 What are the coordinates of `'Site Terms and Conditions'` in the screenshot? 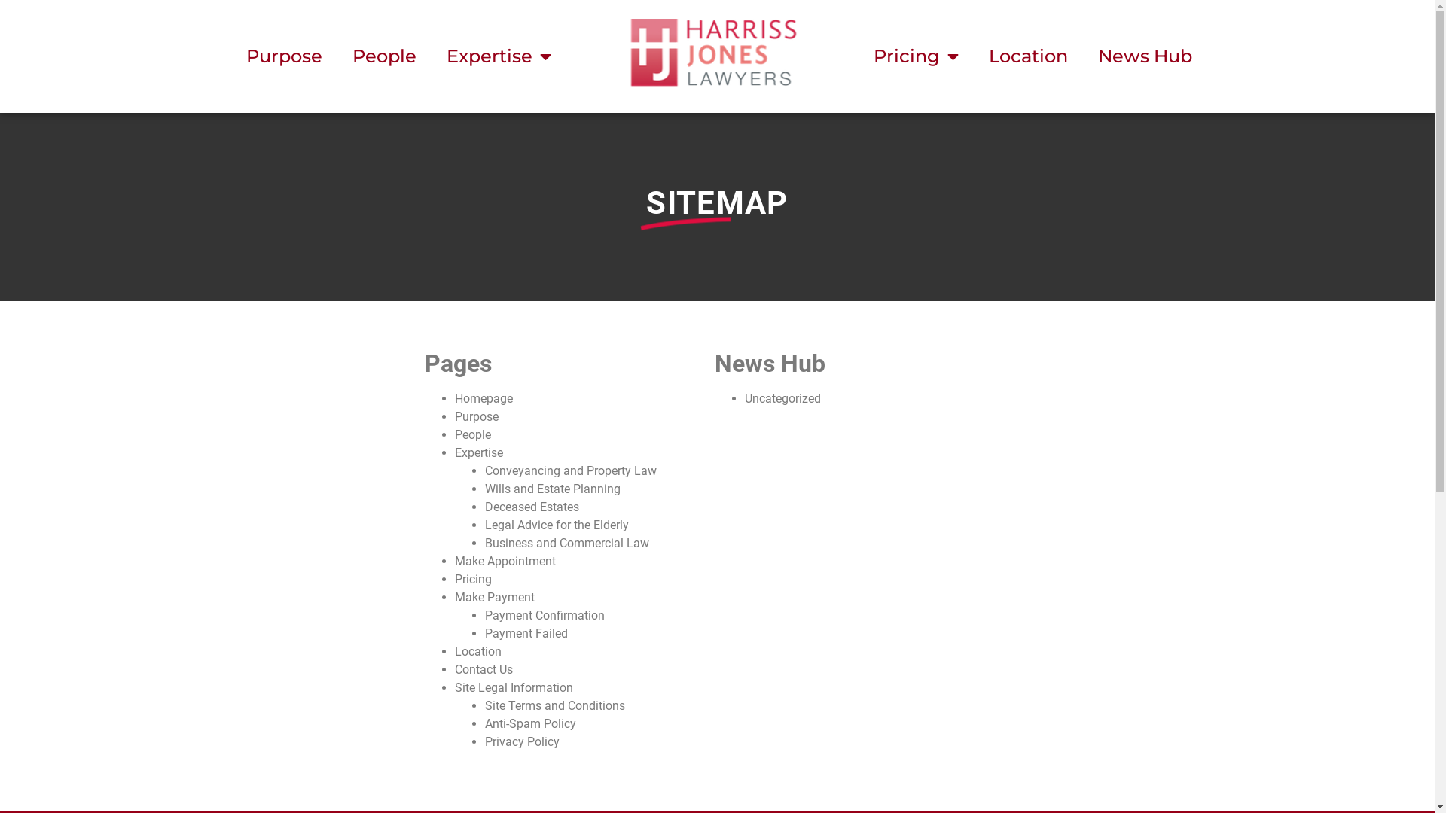 It's located at (554, 705).